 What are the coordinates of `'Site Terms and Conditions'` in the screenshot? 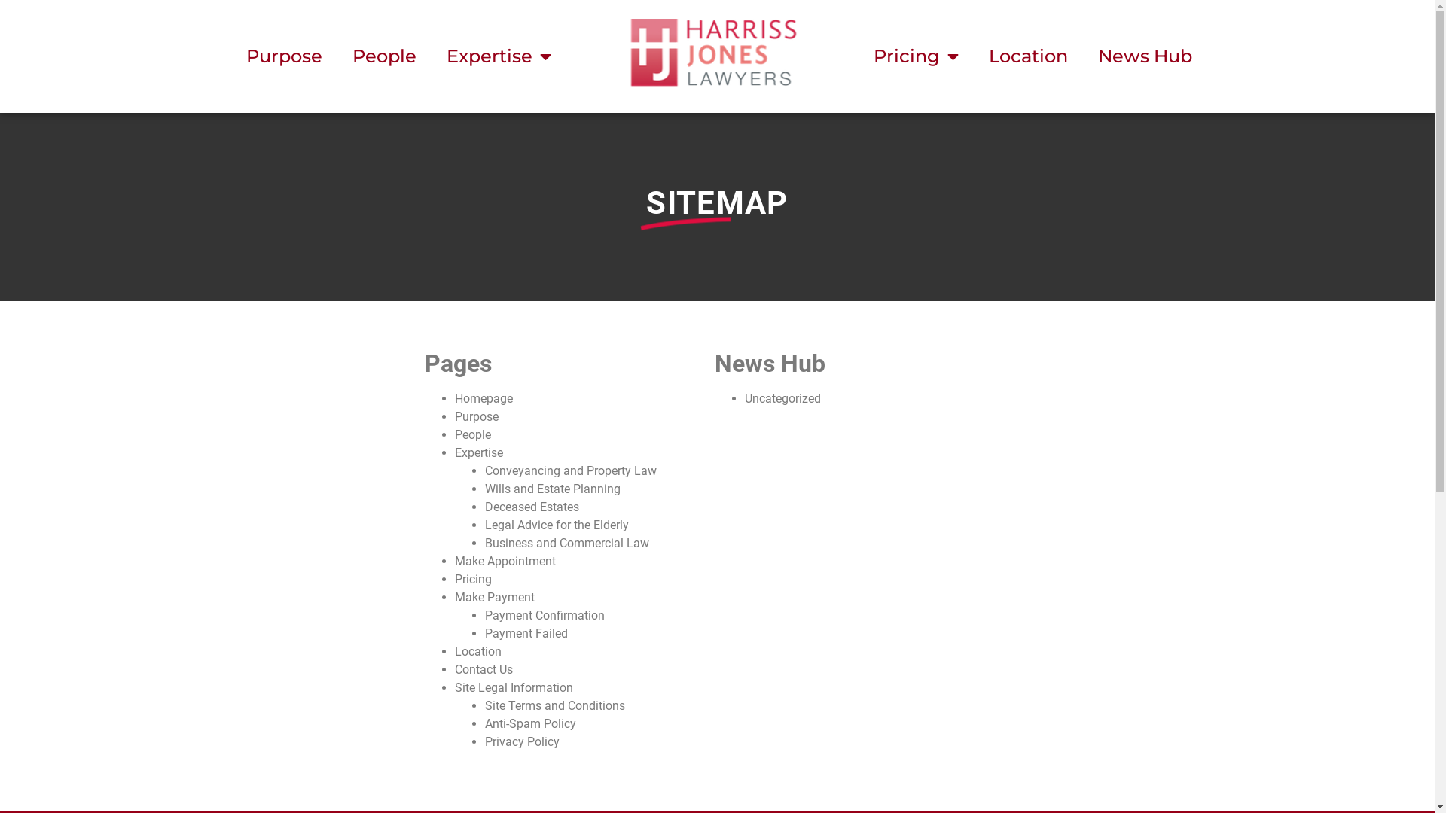 It's located at (554, 705).